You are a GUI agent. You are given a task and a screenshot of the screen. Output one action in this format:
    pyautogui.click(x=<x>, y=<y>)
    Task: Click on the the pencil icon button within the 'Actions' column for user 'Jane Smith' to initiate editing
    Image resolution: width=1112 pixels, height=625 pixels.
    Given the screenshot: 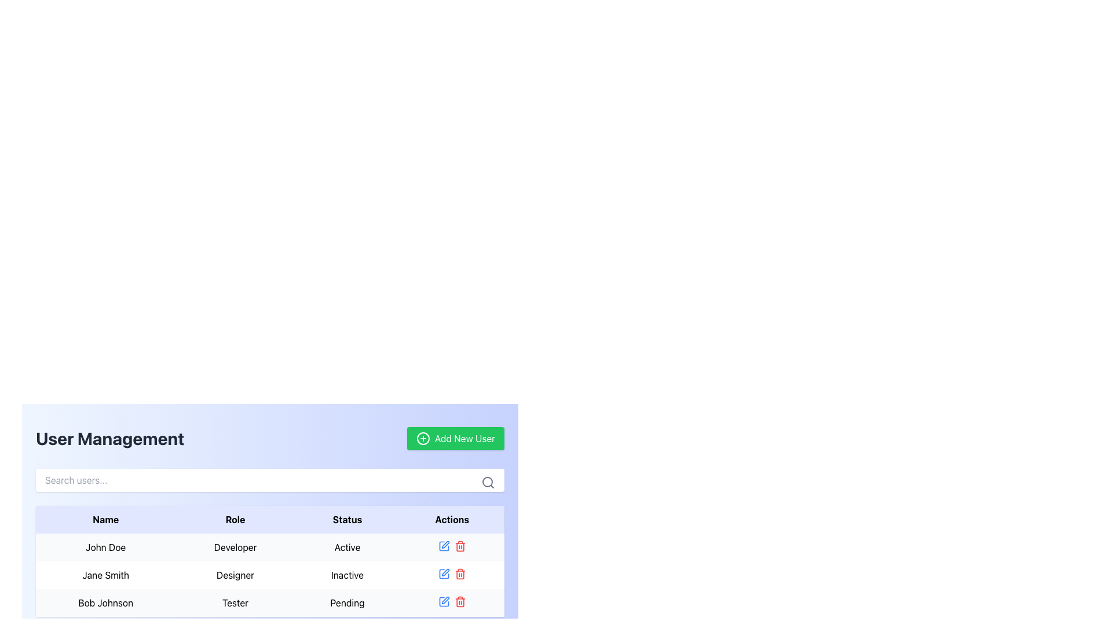 What is the action you would take?
    pyautogui.click(x=443, y=573)
    